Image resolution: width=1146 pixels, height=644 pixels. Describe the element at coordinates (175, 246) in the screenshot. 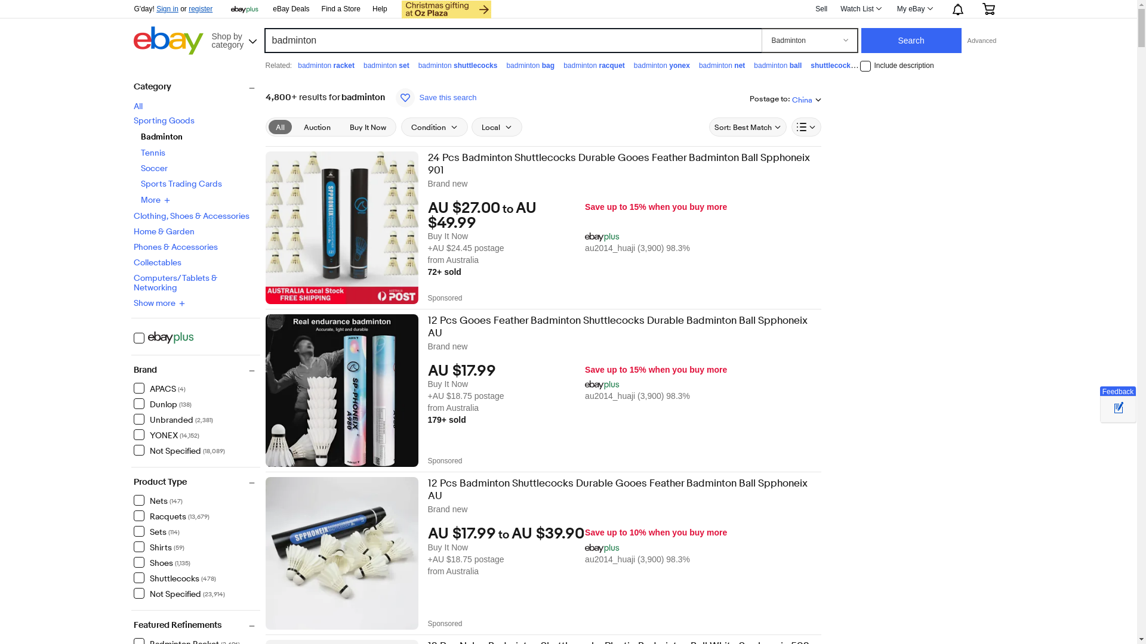

I see `'Phones & Accessories'` at that location.